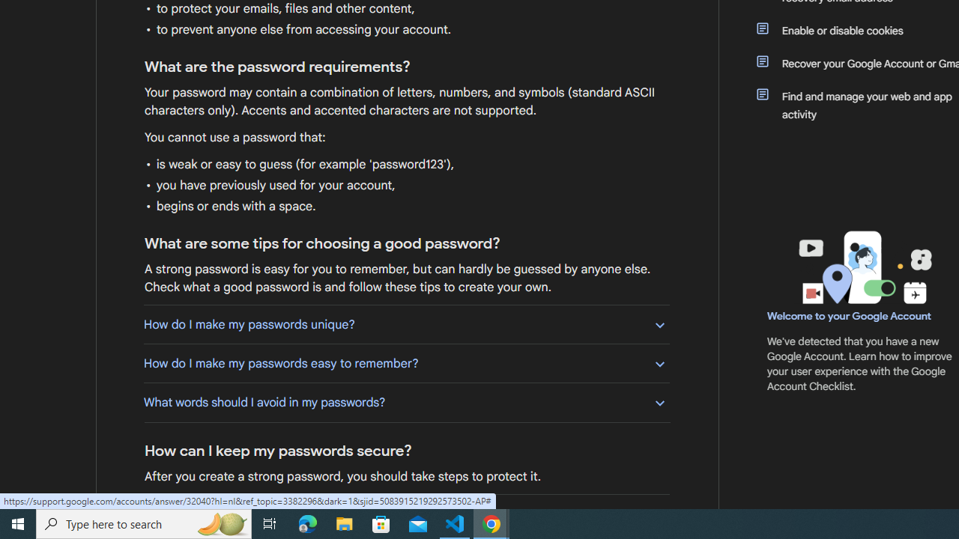  Describe the element at coordinates (863, 267) in the screenshot. I see `'Learning Center home page image'` at that location.